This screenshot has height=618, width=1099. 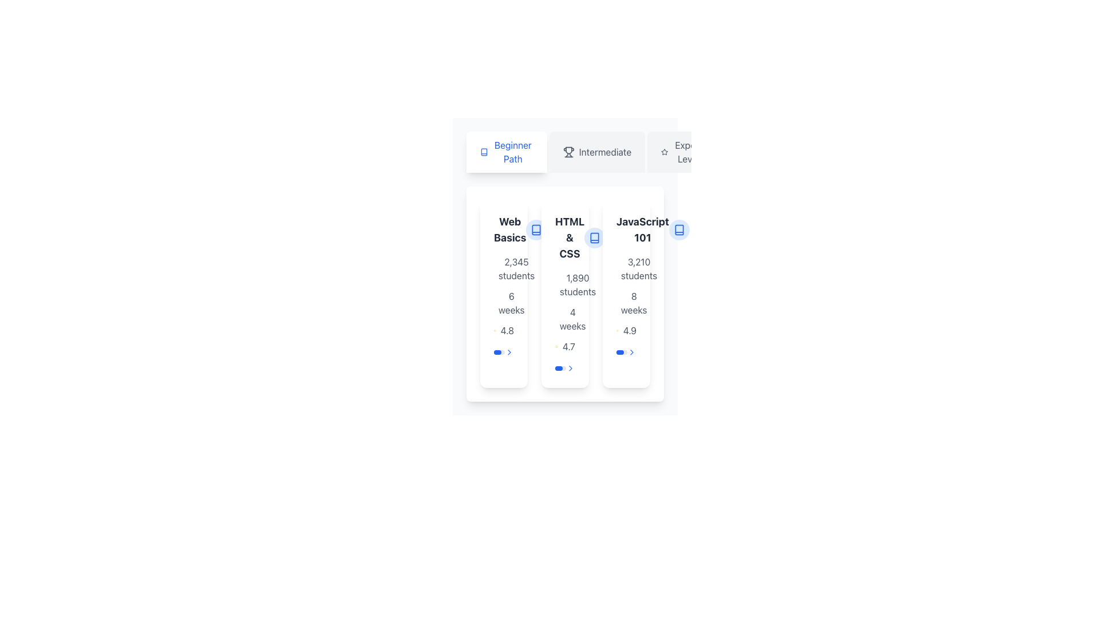 I want to click on the descriptive title text label located in the top-left corner of the first card in the horizontal stack for context or navigation, so click(x=509, y=229).